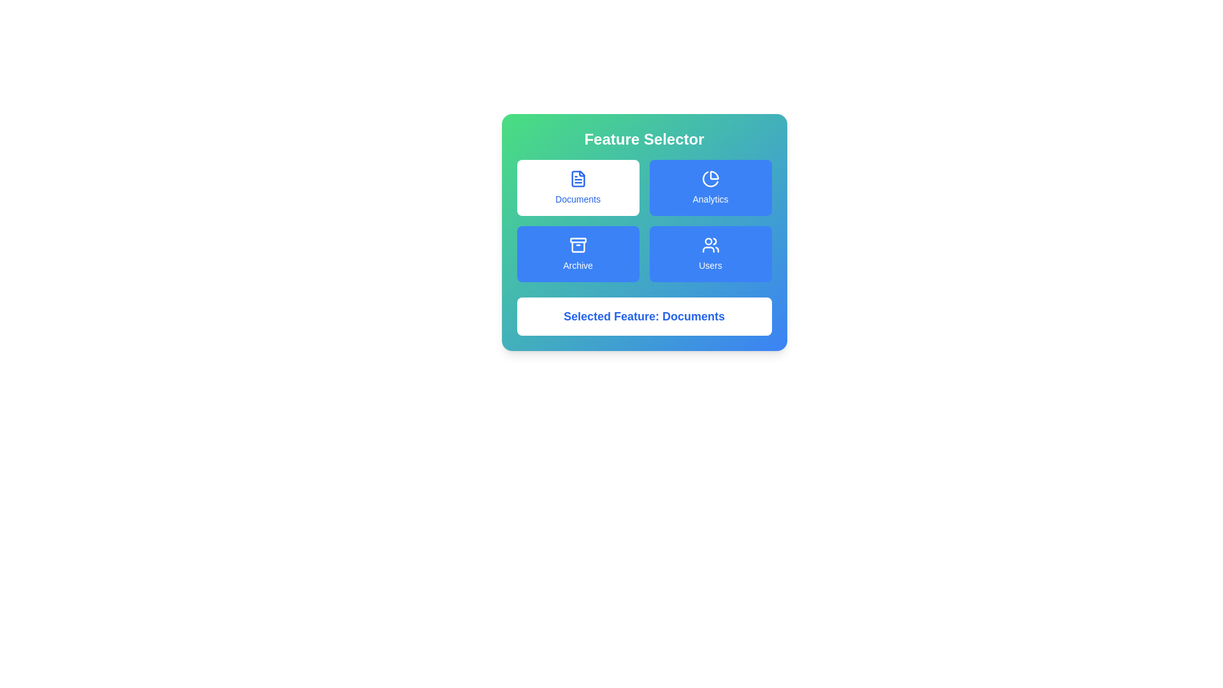  I want to click on the 'Analytics' text label, which is part of the button in the feature selector grid, positioned below the icon in the top-right corner, so click(710, 199).